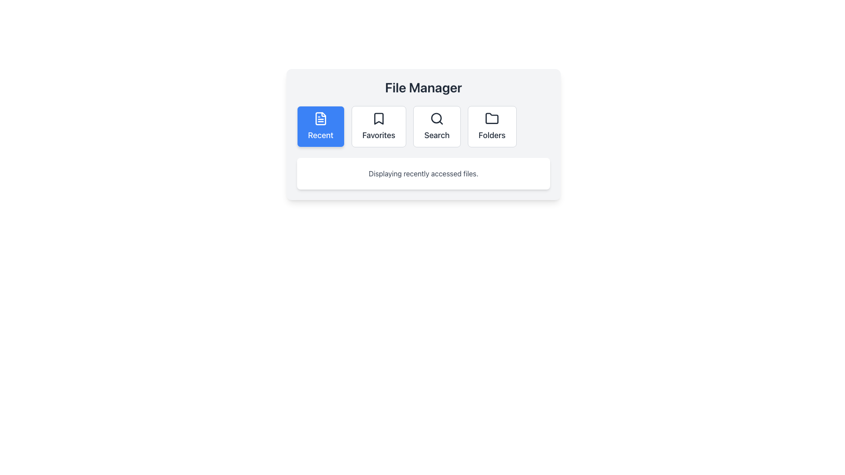 The height and width of the screenshot is (475, 845). I want to click on the 'Favorites' icon located in the navigation panel, which is the second icon from the left used, so click(378, 119).